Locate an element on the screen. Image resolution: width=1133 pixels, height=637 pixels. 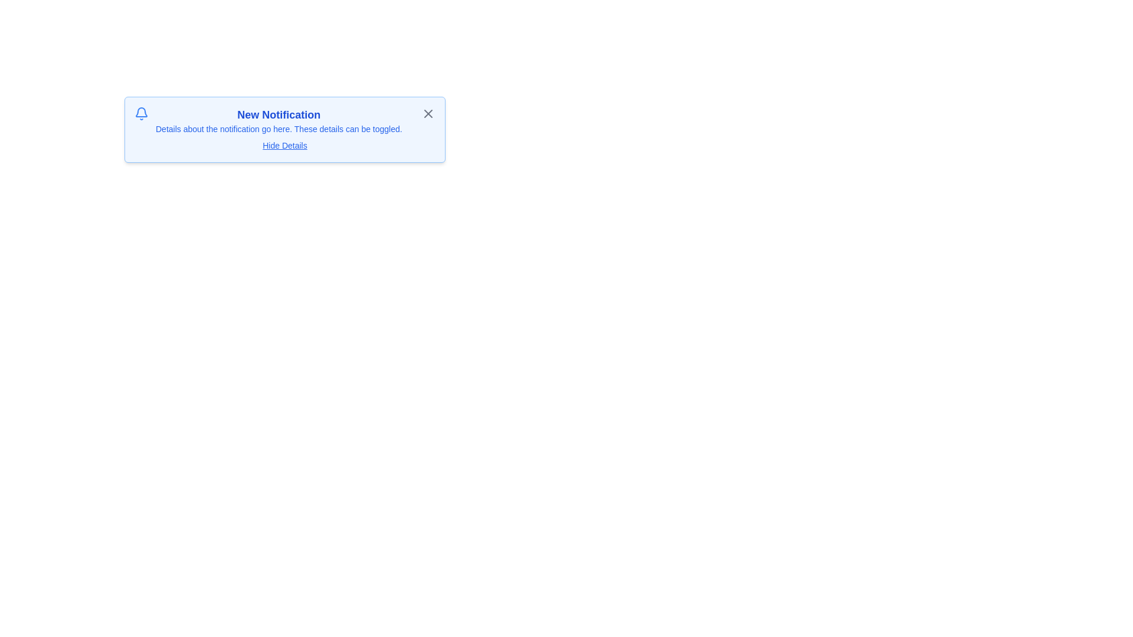
the background area outside the notification panel to change focus or deselect is located at coordinates (58, 59).